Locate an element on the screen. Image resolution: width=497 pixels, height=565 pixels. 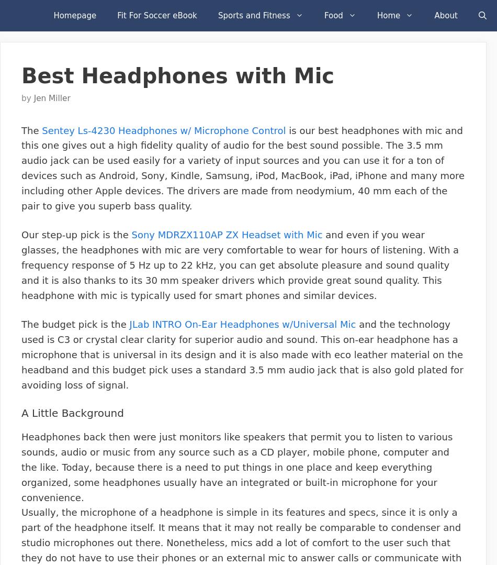
'Sony MDRZX110AP ZX Headset with Mic' is located at coordinates (226, 235).